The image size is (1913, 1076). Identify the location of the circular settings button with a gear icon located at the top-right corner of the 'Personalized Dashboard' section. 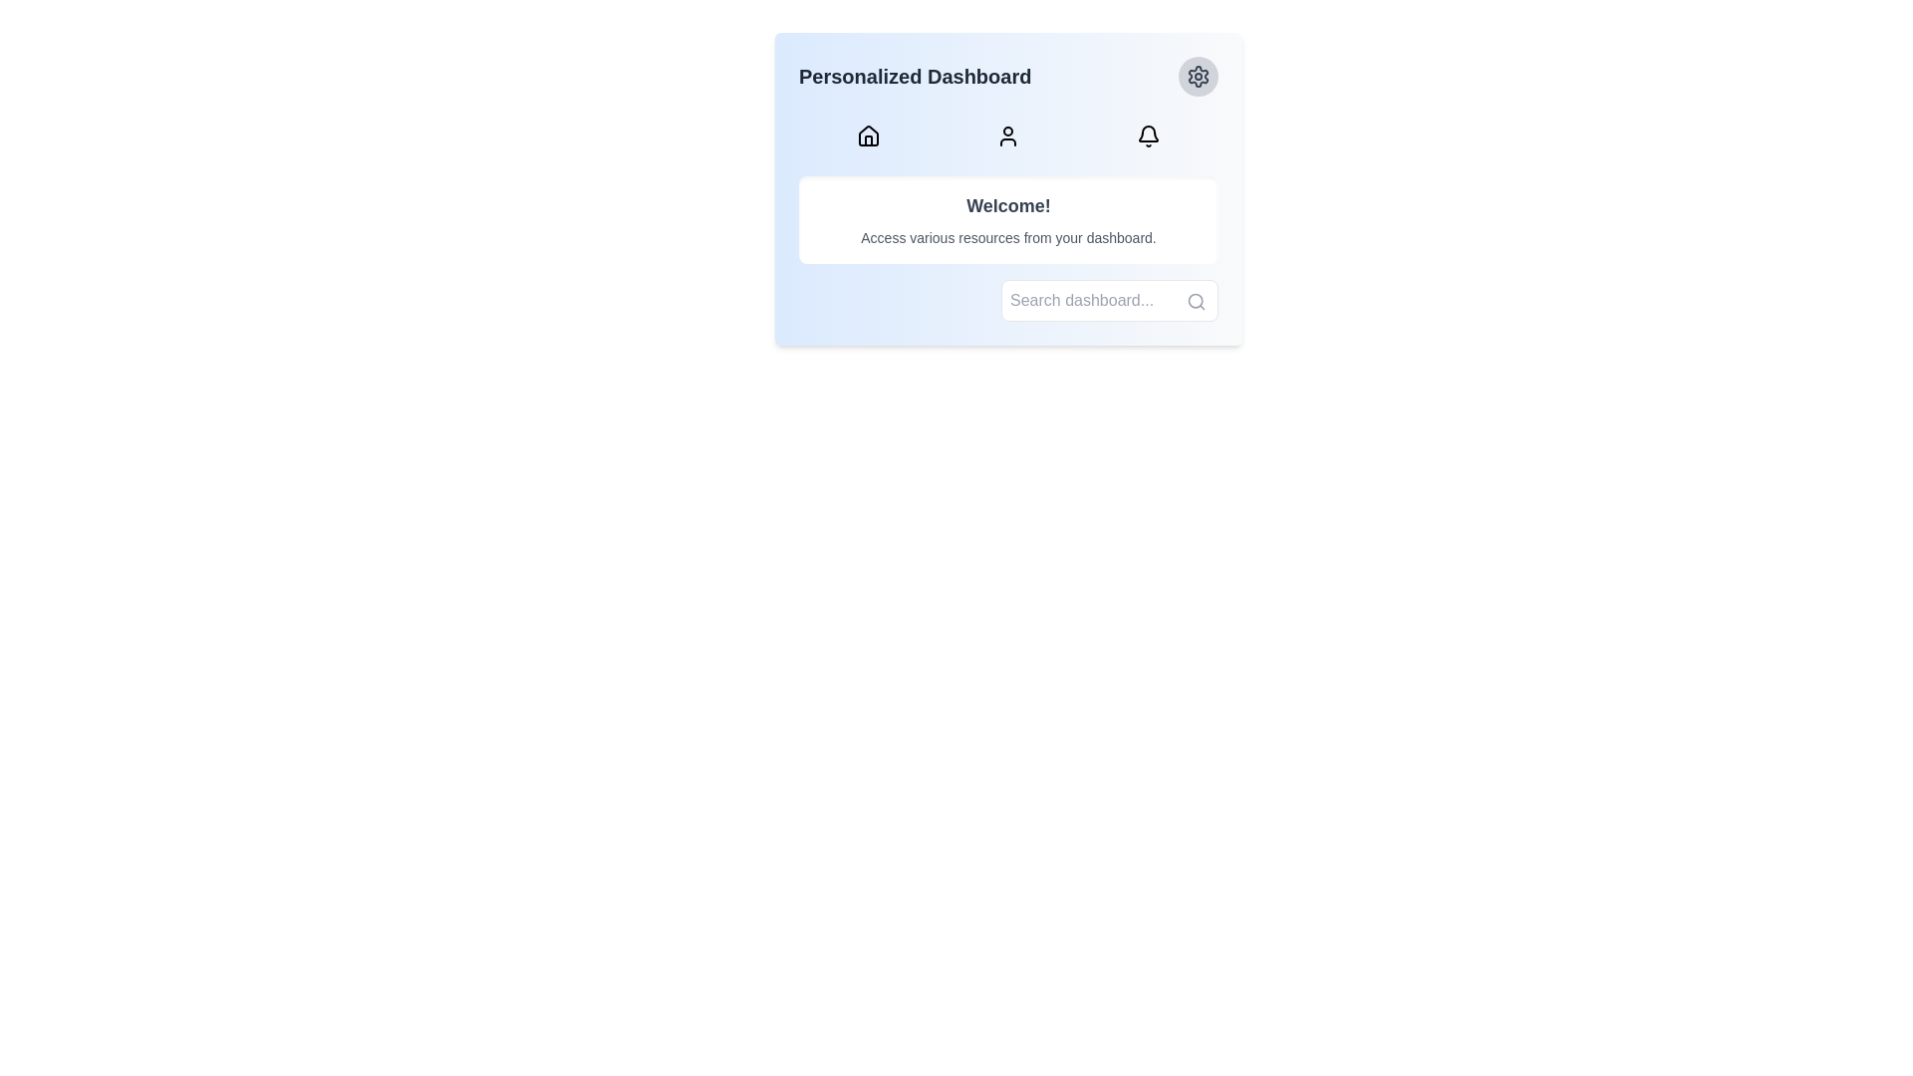
(1198, 76).